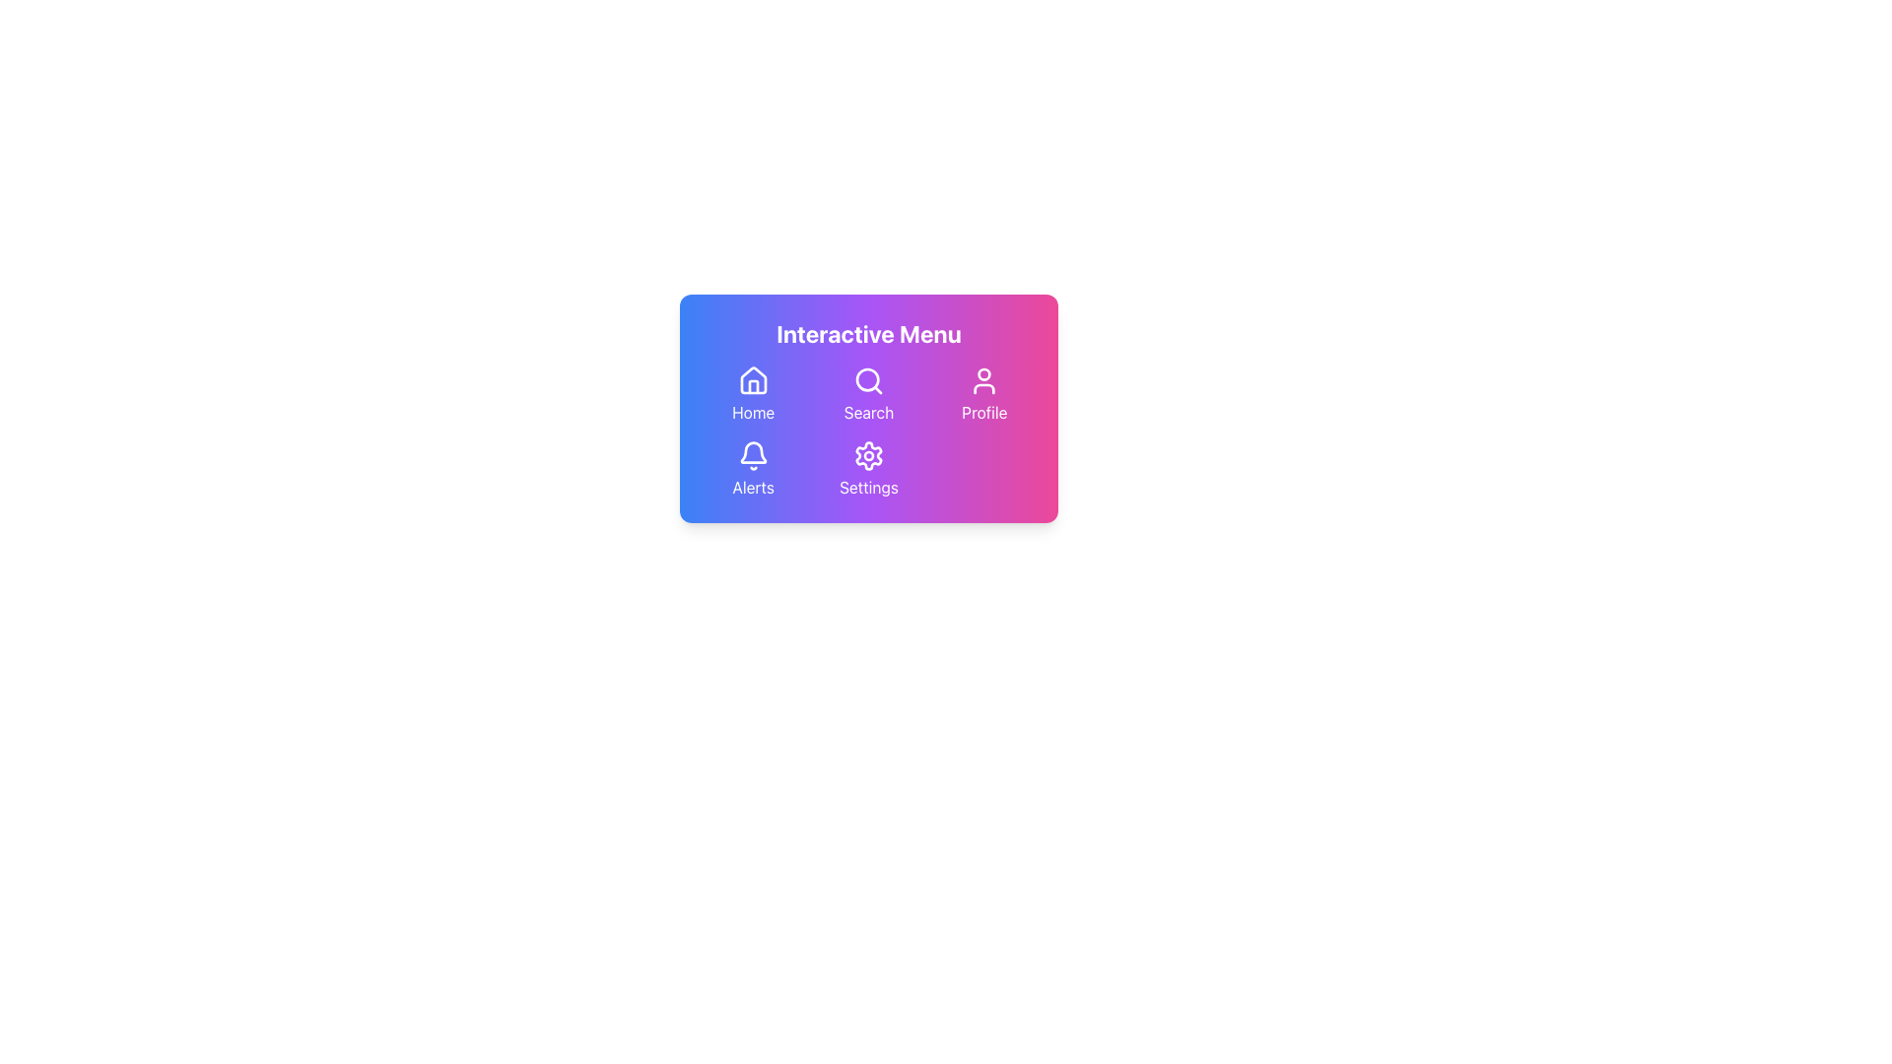 Image resolution: width=1892 pixels, height=1064 pixels. What do you see at coordinates (752, 395) in the screenshot?
I see `the top-left button in the grid layout, which features a white house icon above the label 'Home'` at bounding box center [752, 395].